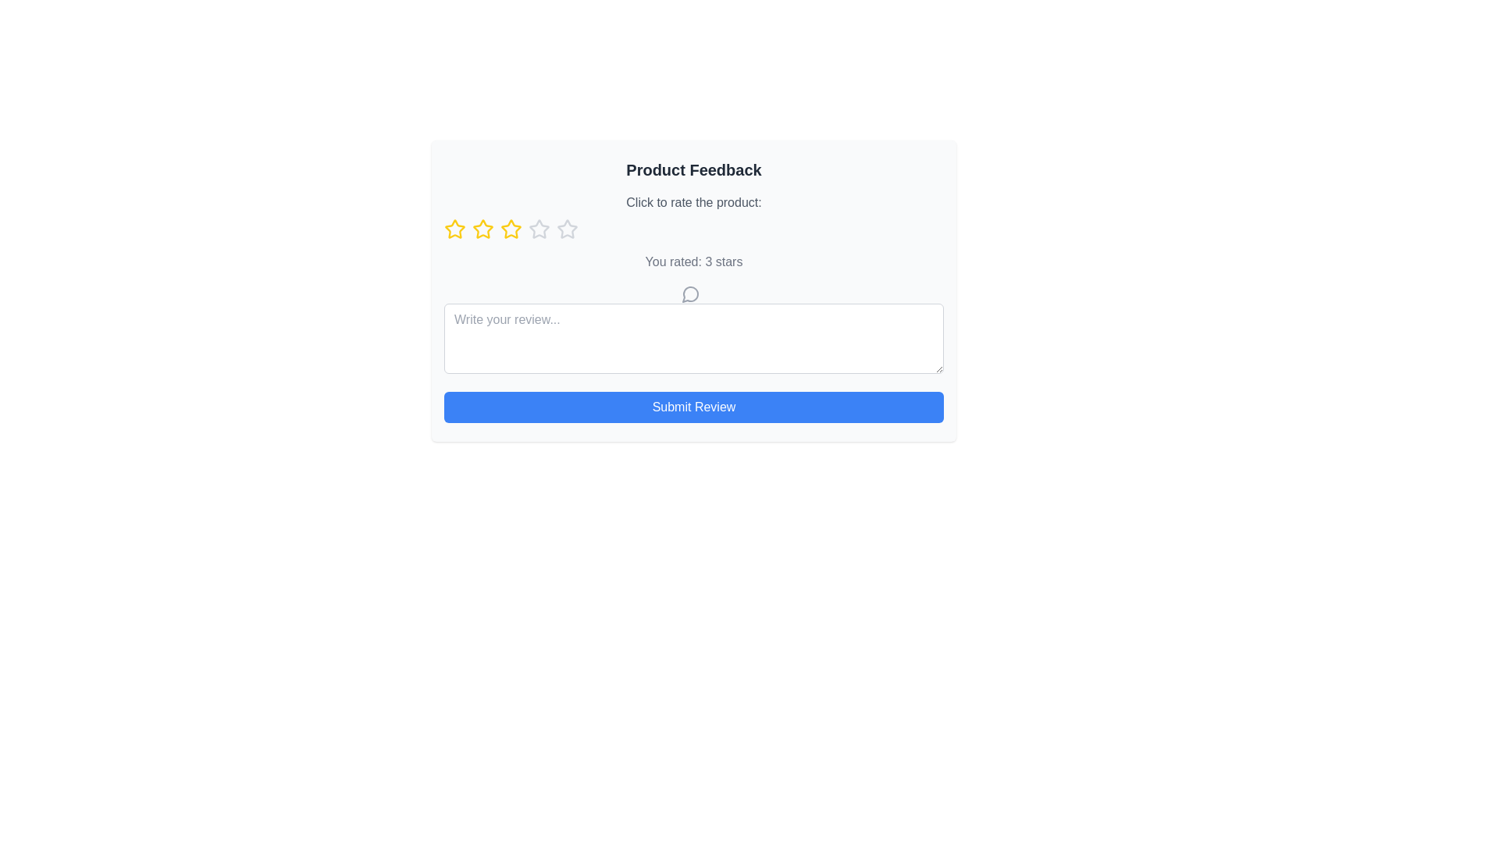 The width and height of the screenshot is (1499, 843). I want to click on the first yellow star icon in the rating panel, so click(454, 229).